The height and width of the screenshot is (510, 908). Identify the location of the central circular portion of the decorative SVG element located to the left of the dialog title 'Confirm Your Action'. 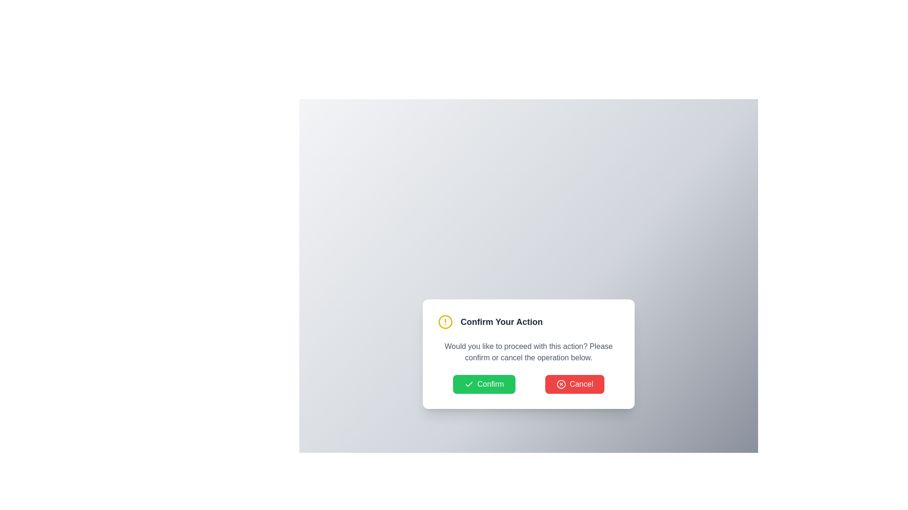
(445, 322).